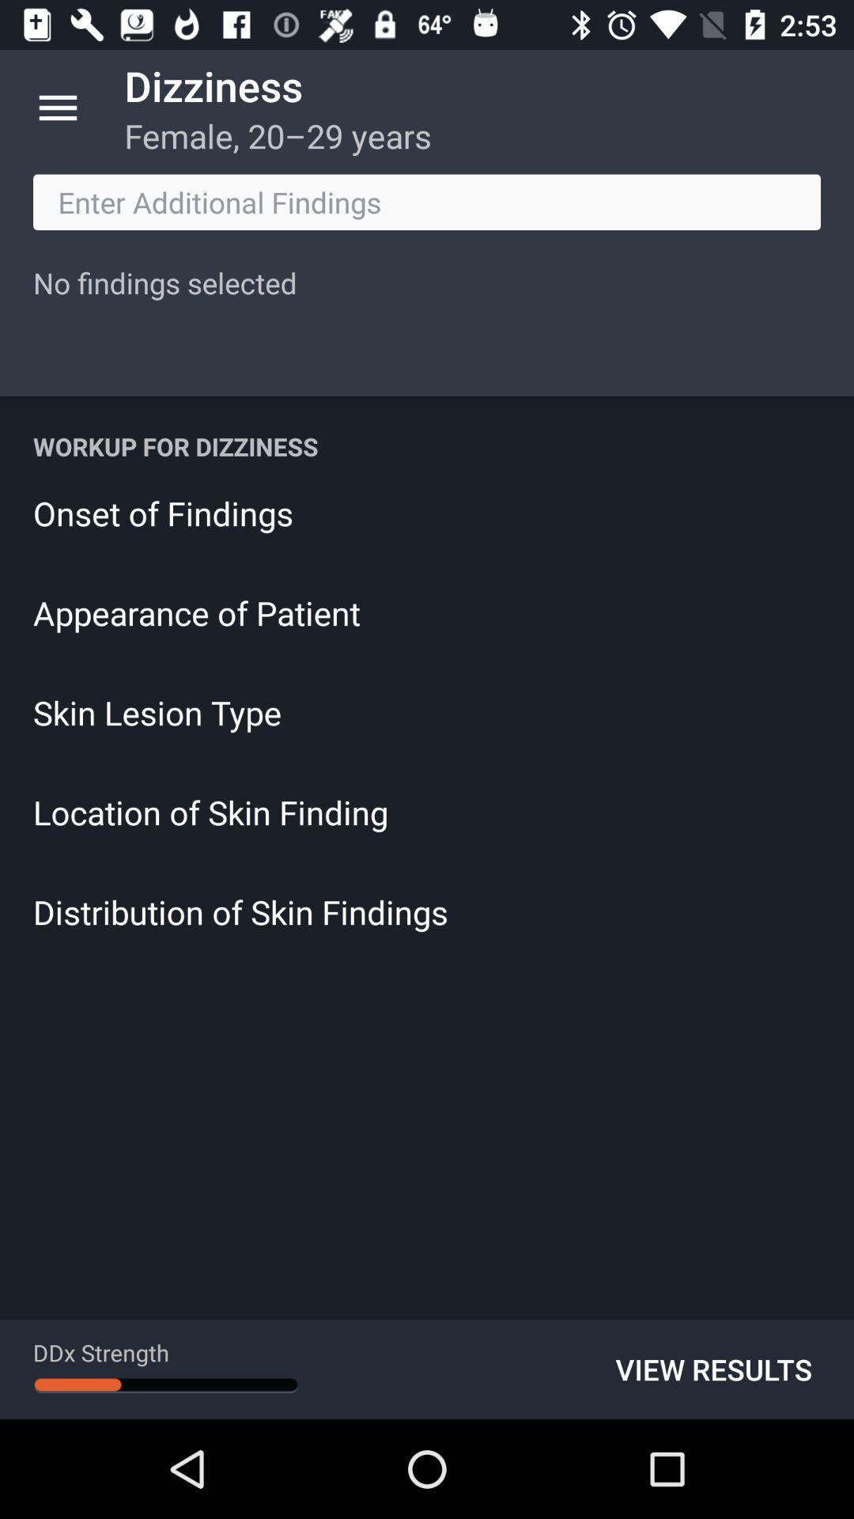  What do you see at coordinates (713, 1369) in the screenshot?
I see `view results icon` at bounding box center [713, 1369].